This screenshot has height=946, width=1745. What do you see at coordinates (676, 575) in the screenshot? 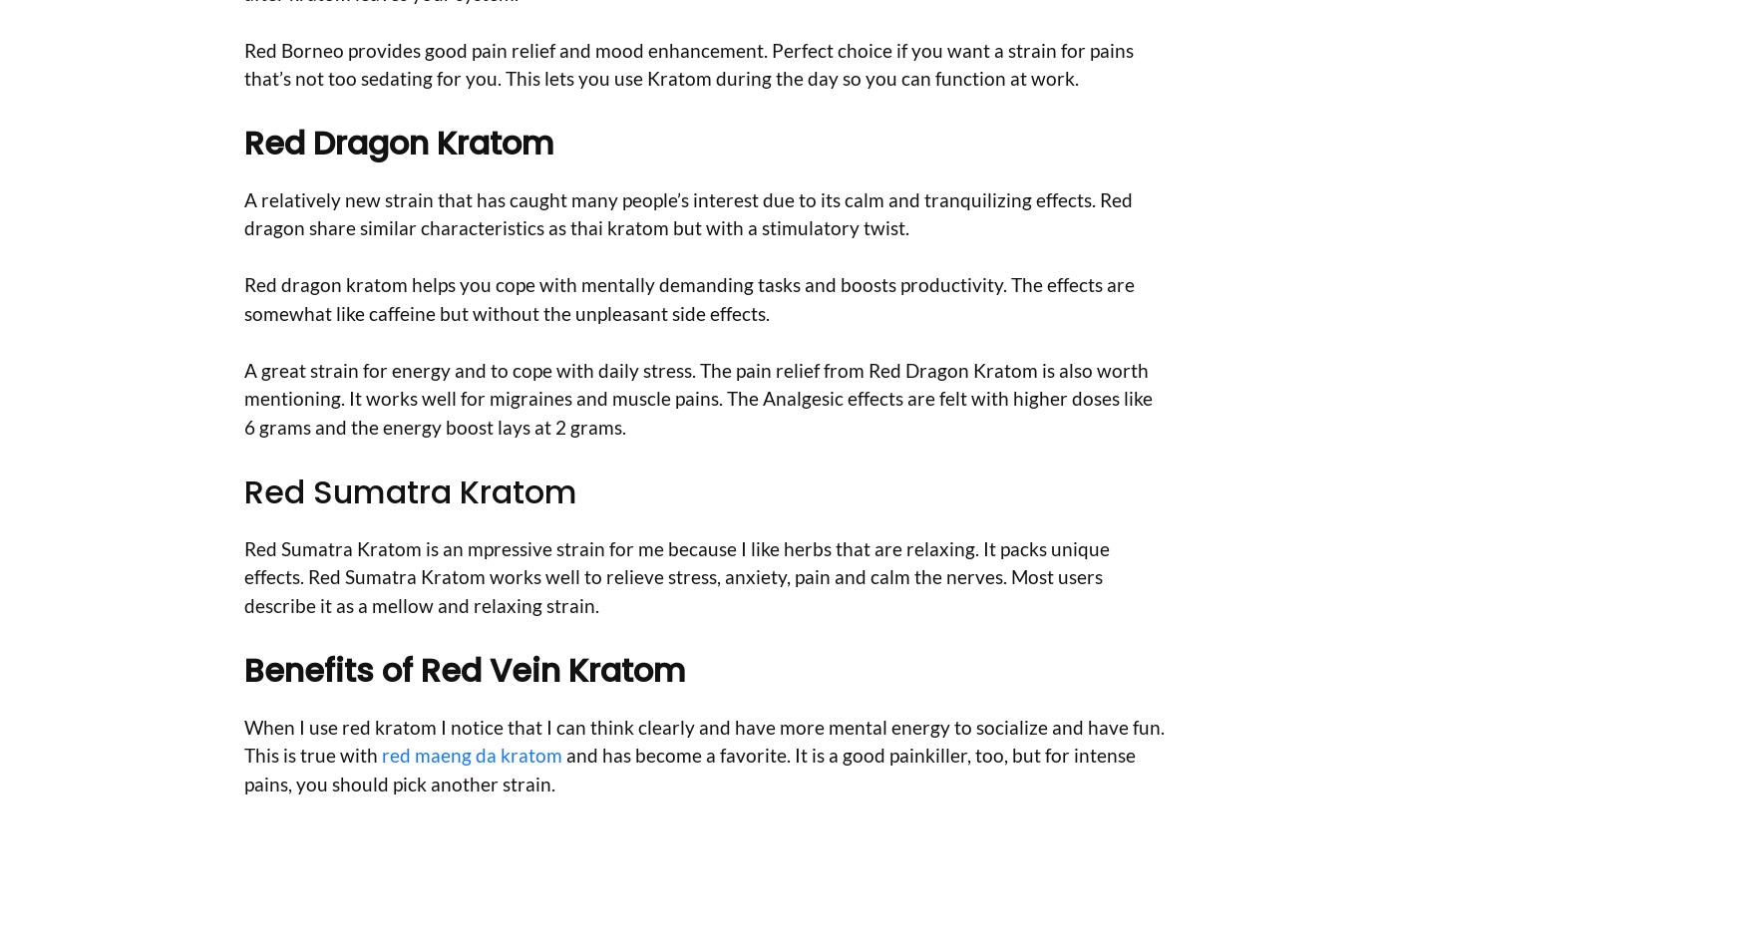
I see `'Red Sumatra Kratom is an mpressive strain for me because I like herbs that are relaxing. It packs unique effects. Red Sumatra Kratom works well to relieve stress, anxiety, pain and calm the nerves. Most users describe it as a mellow and relaxing strain.'` at bounding box center [676, 575].